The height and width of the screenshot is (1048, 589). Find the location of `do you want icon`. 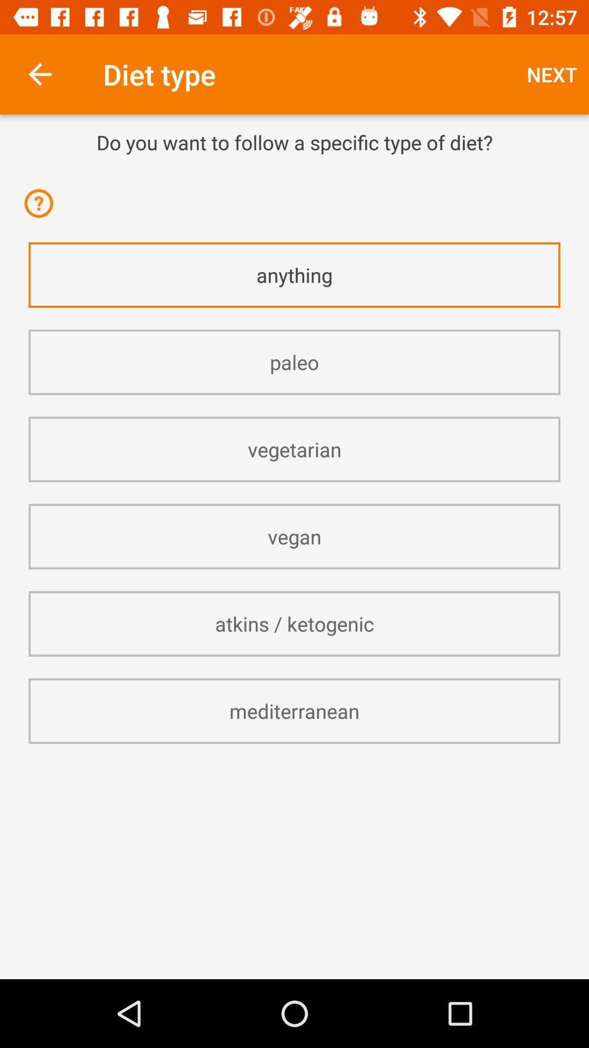

do you want icon is located at coordinates (294, 141).